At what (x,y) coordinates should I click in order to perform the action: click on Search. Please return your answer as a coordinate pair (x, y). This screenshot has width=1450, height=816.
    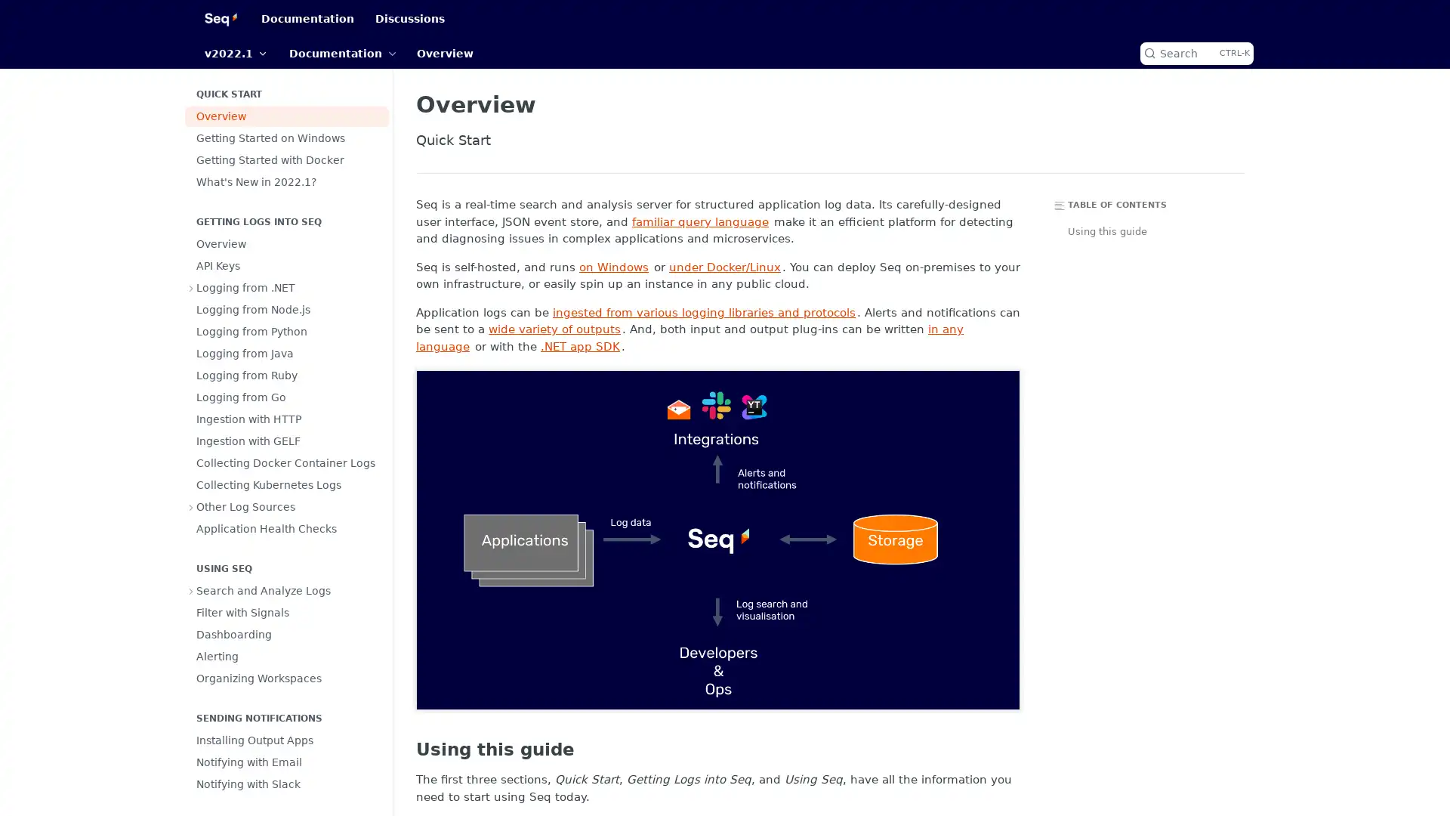
    Looking at the image, I should click on (1195, 52).